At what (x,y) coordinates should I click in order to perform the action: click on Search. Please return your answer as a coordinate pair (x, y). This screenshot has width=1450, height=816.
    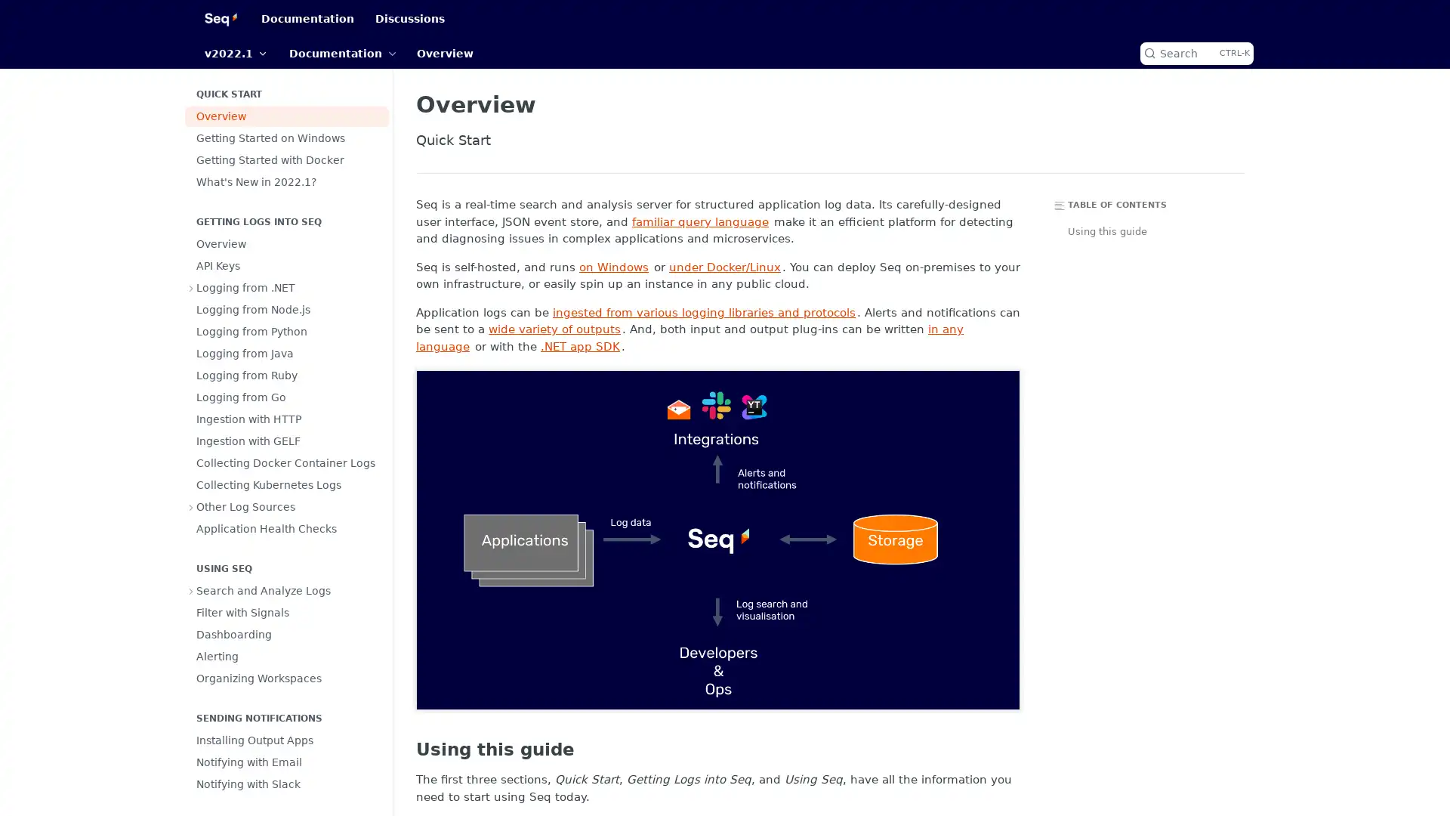
    Looking at the image, I should click on (1195, 52).